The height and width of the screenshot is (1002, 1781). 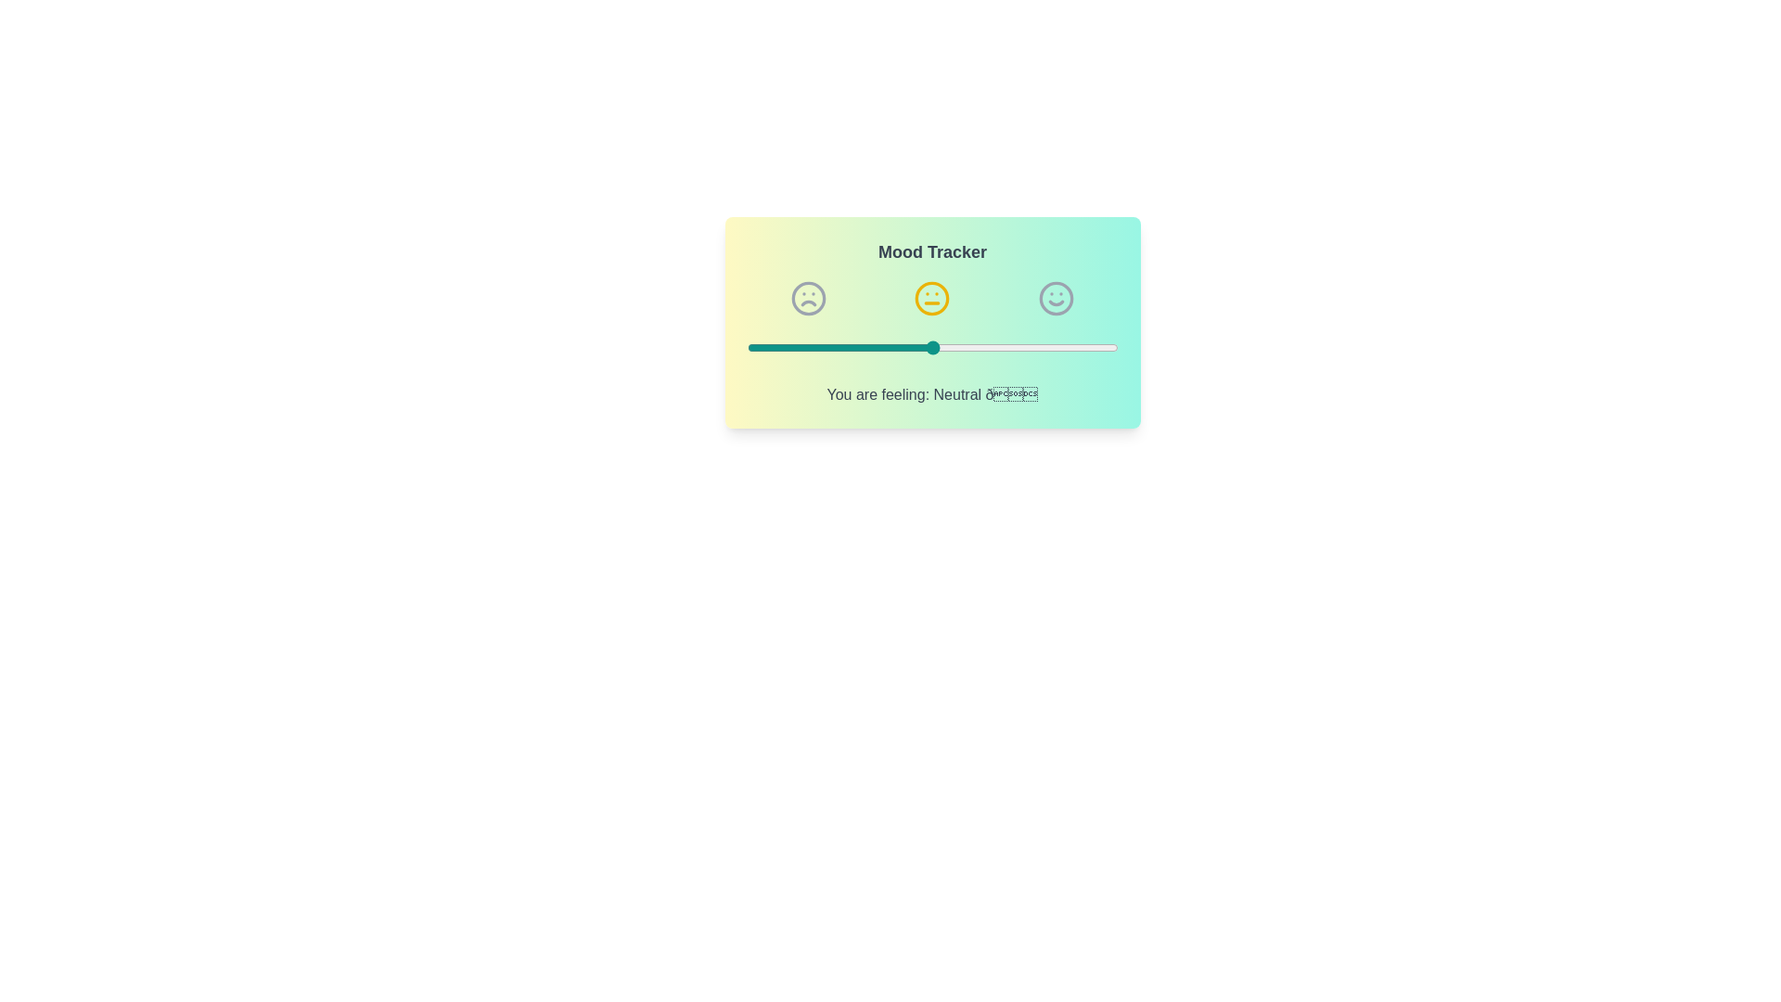 I want to click on the mood icon corresponding to Sad, so click(x=809, y=297).